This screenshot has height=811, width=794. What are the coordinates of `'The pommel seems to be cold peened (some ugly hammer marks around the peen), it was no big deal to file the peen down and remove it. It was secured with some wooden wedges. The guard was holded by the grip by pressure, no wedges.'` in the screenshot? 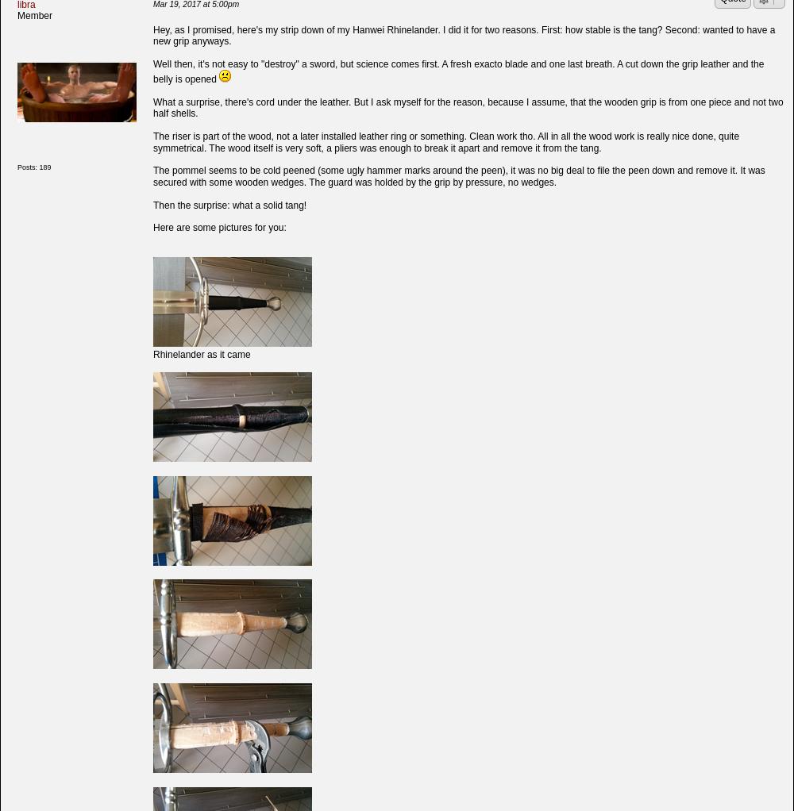 It's located at (458, 175).